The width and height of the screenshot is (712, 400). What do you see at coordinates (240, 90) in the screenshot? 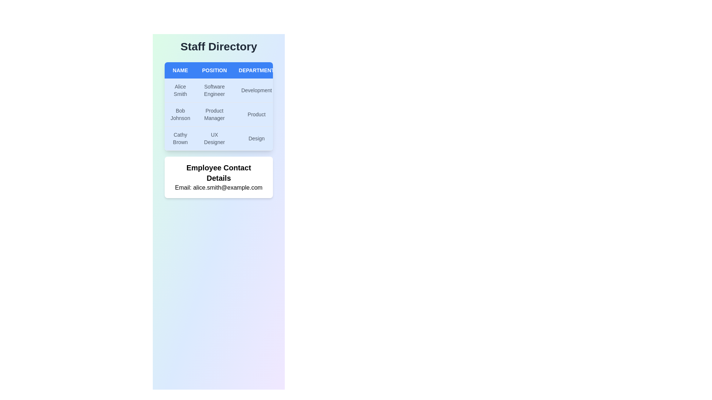
I see `the first row in the Staff Directory table, which has a light blue background and contains the text sections 'Alice Smith', 'Software Engineer', and 'Development'` at bounding box center [240, 90].